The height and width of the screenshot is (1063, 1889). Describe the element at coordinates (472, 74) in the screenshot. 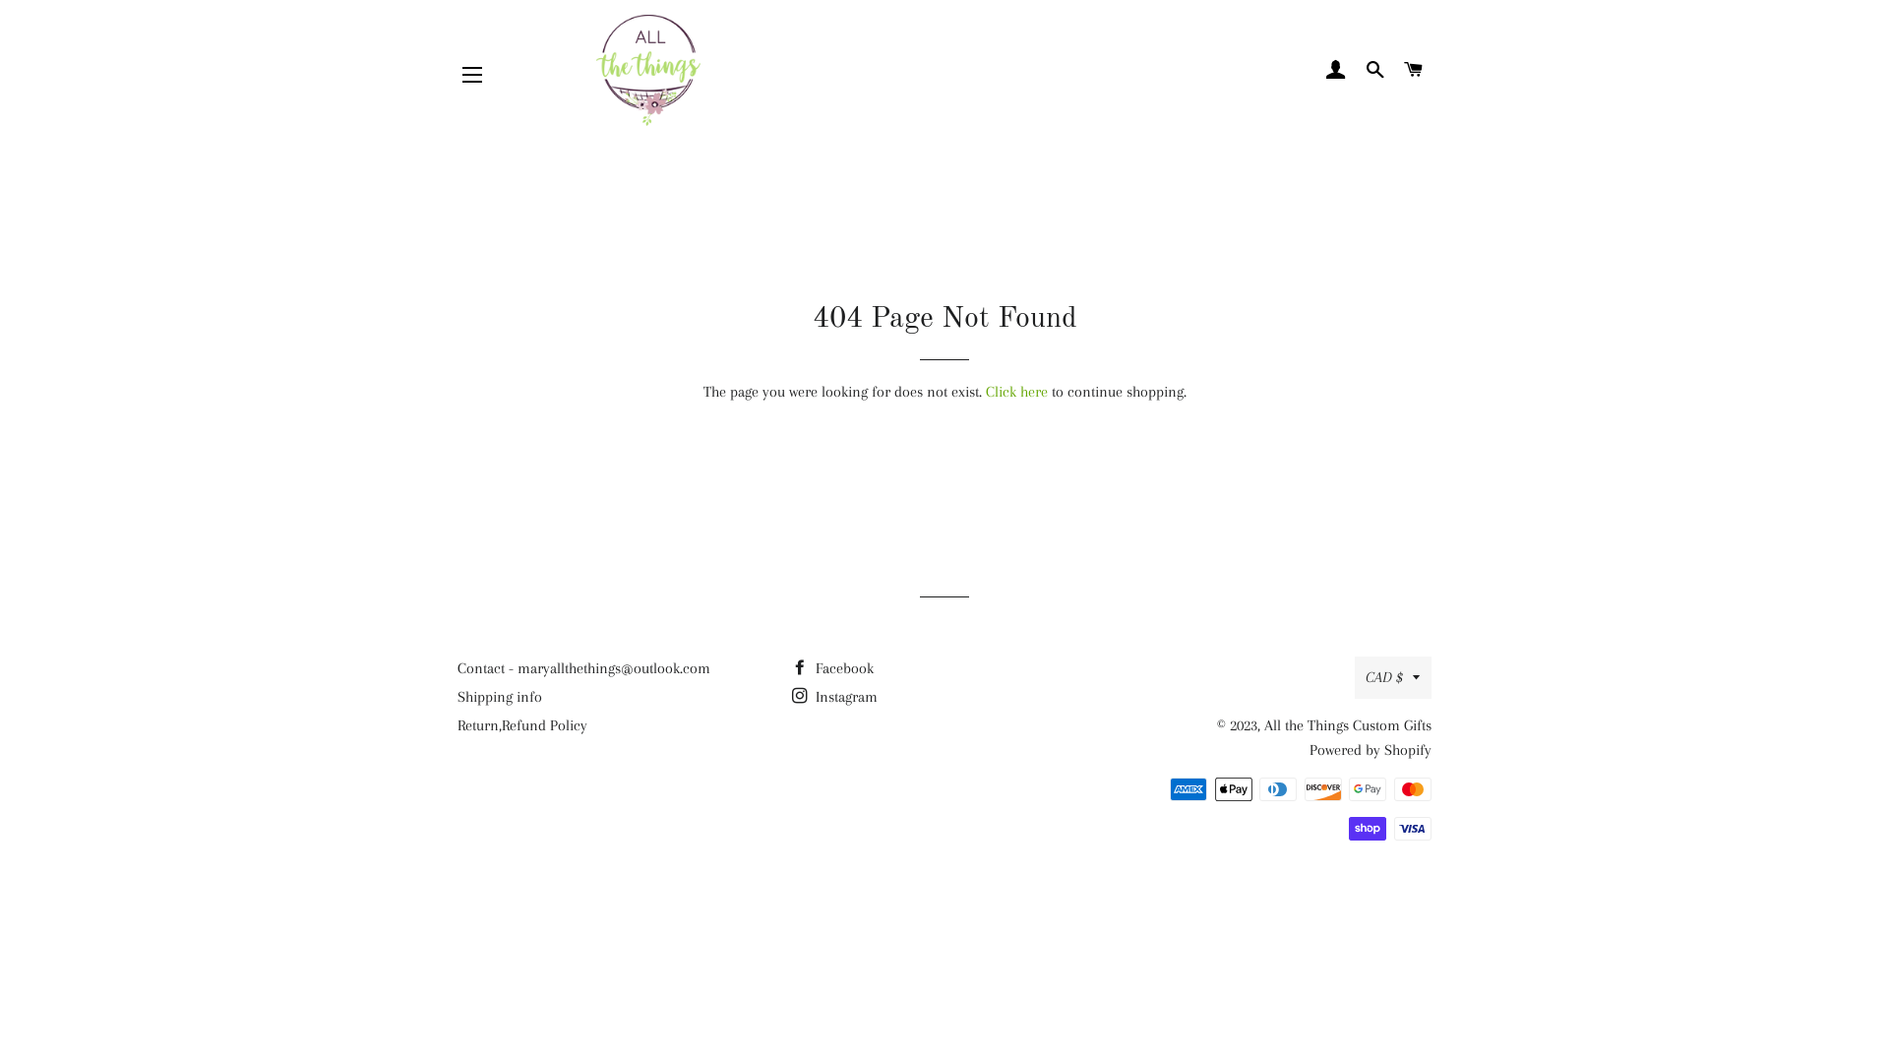

I see `'SITE NAVIGATION'` at that location.